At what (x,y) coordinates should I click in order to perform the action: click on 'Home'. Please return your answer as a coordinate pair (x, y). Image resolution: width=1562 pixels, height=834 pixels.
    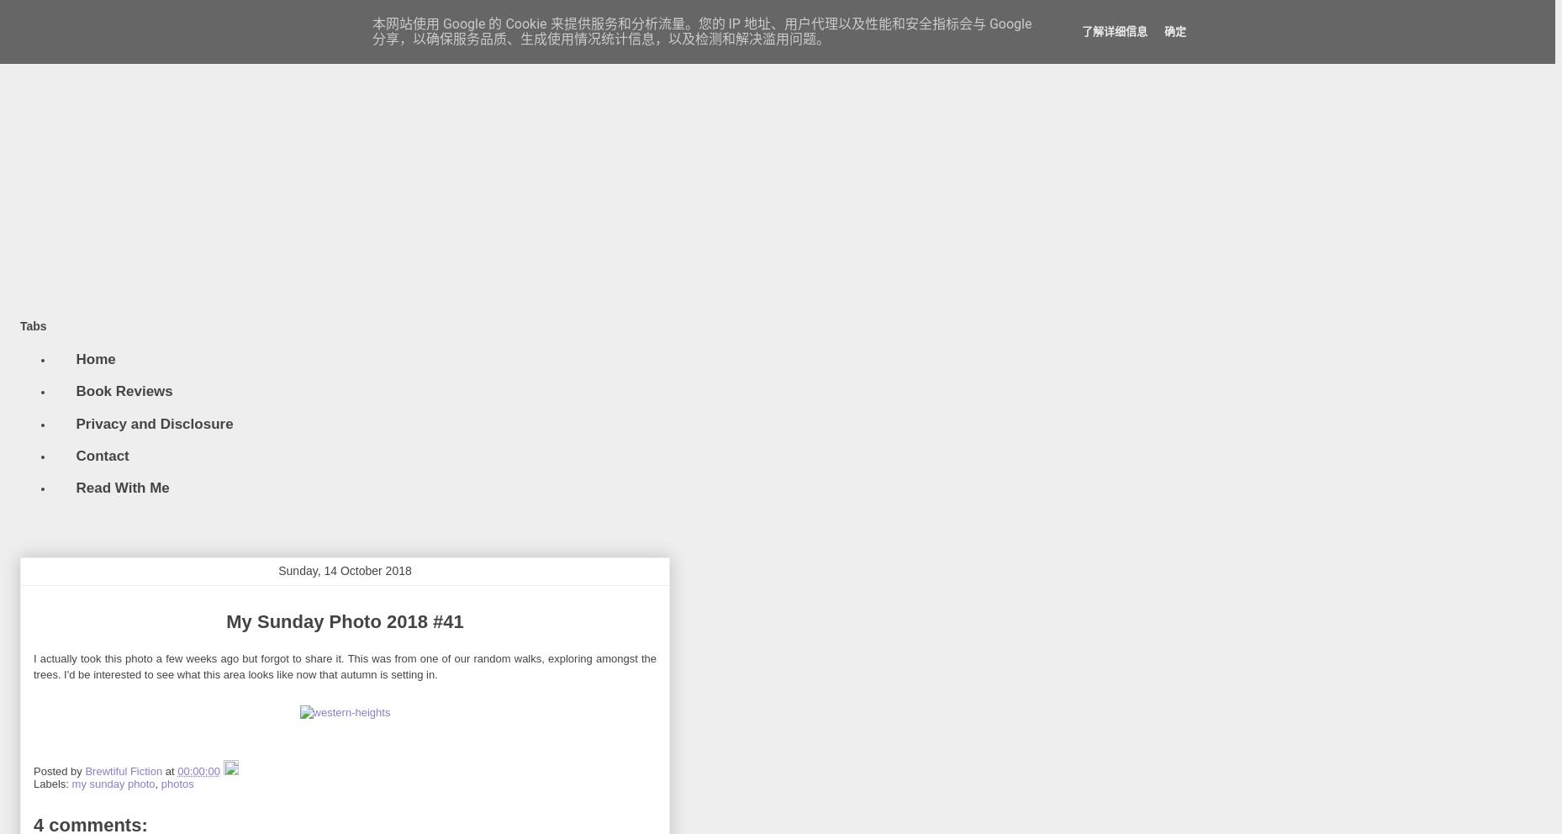
    Looking at the image, I should click on (95, 357).